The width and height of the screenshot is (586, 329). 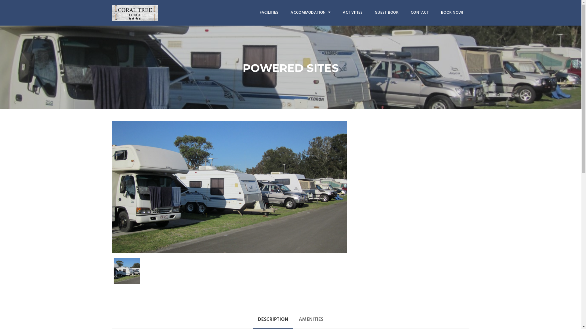 What do you see at coordinates (419, 13) in the screenshot?
I see `'CONTACT'` at bounding box center [419, 13].